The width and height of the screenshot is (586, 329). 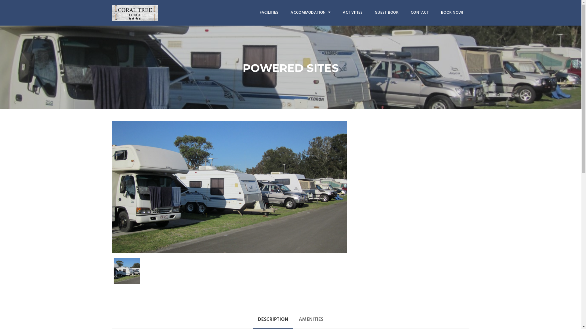 What do you see at coordinates (419, 13) in the screenshot?
I see `'CONTACT'` at bounding box center [419, 13].